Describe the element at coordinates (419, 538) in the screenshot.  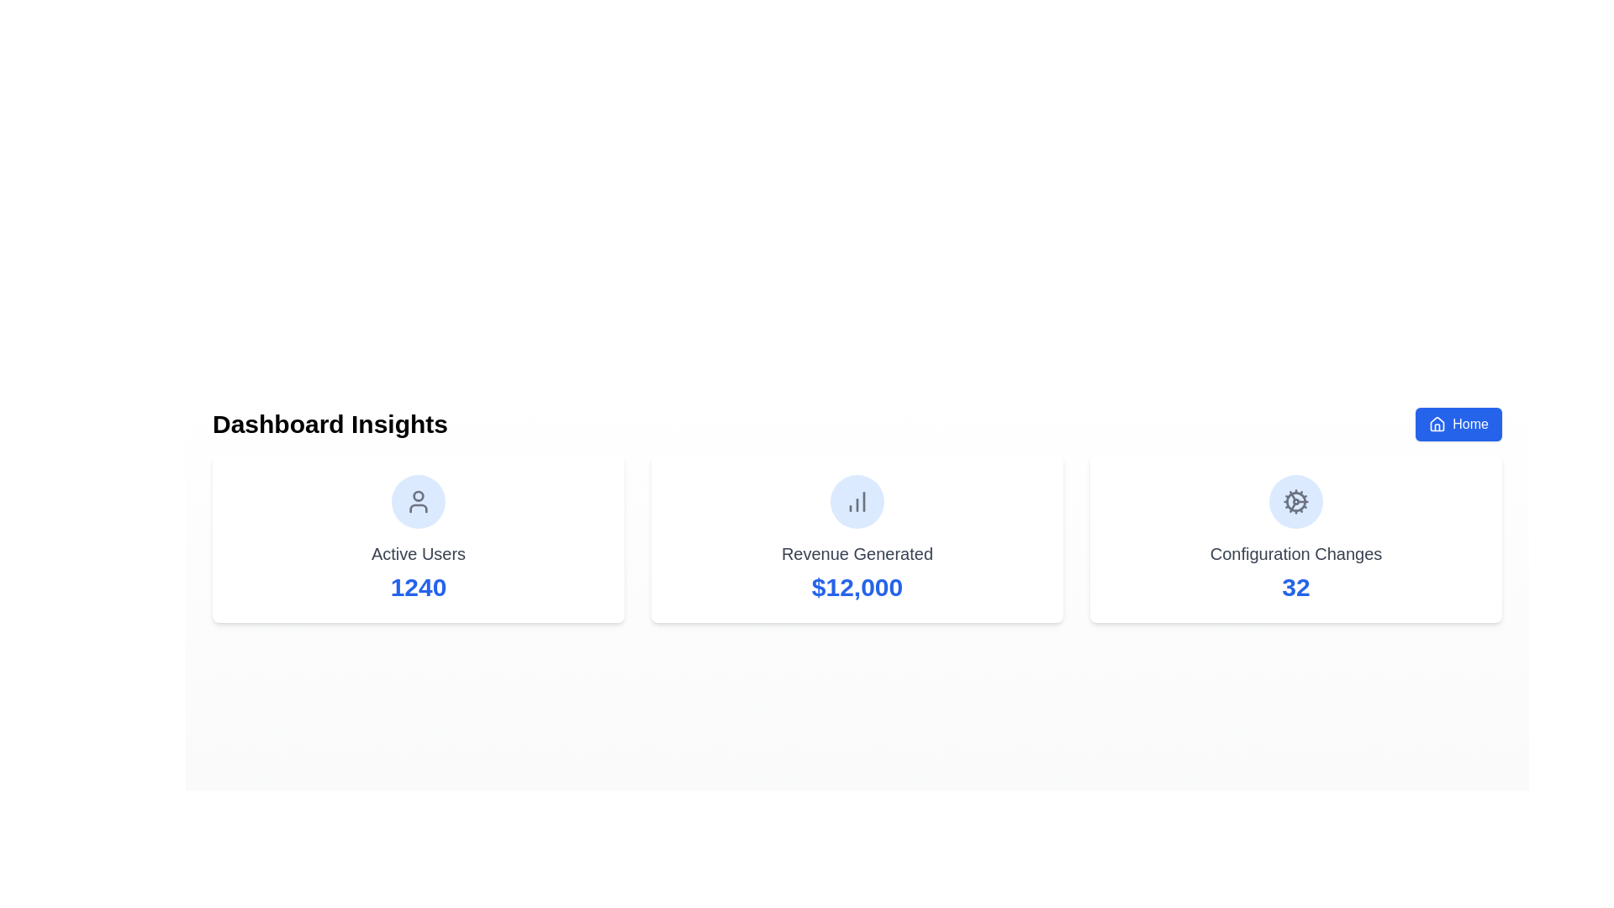
I see `the card component displaying the count of active users ('1240'), which is the left-most card in a horizontally aligned grid layout` at that location.